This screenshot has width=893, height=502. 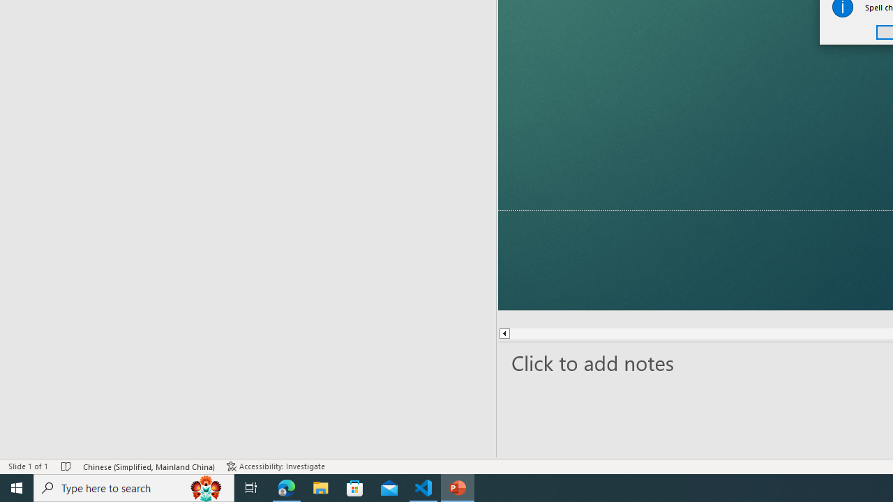 I want to click on 'Microsoft Edge - 1 running window', so click(x=286, y=487).